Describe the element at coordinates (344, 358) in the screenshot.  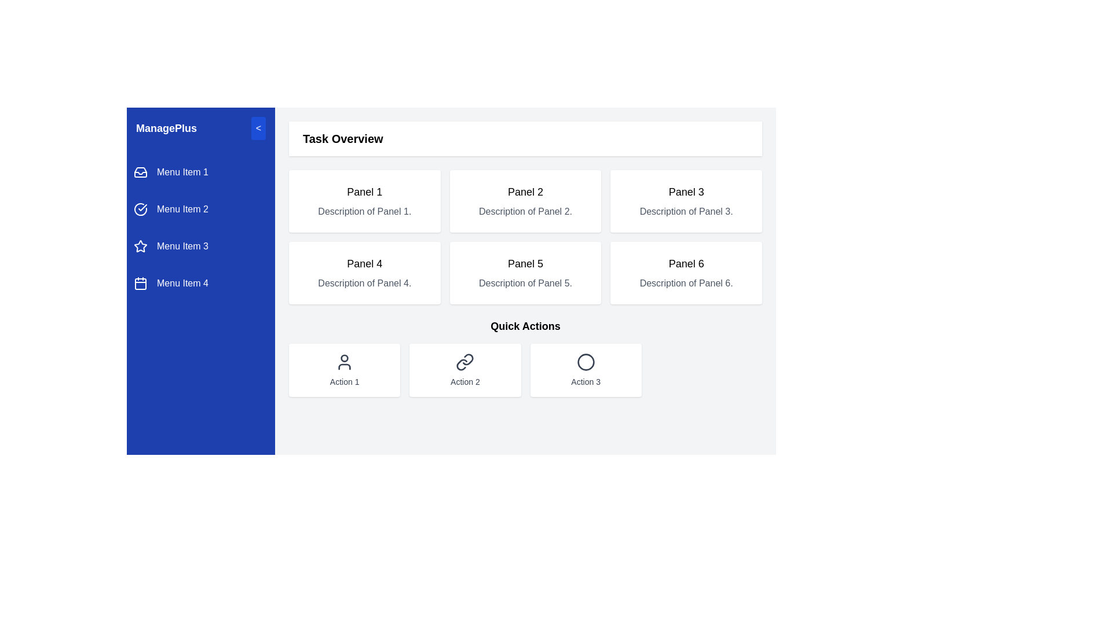
I see `the decorative graphical SVG circle element representing the user's head in the user-profile icon, located above the text label 'Action 1' in the 'Quick Actions' section` at that location.